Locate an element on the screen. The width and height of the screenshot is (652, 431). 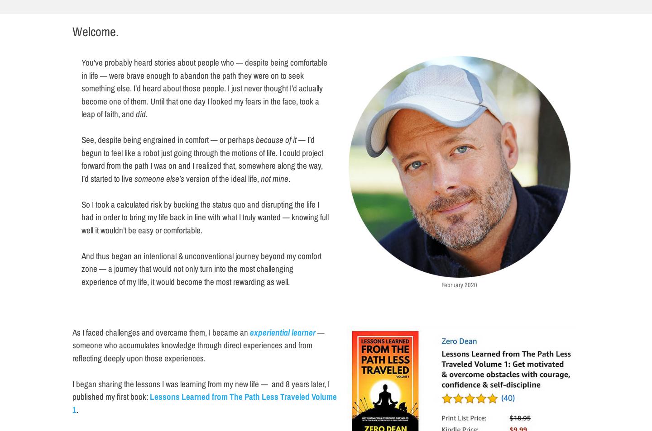
'version of the ideal life,' is located at coordinates (183, 177).